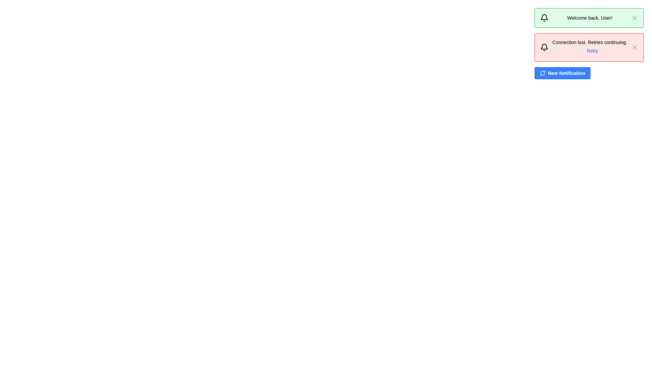 This screenshot has height=366, width=652. Describe the element at coordinates (544, 47) in the screenshot. I see `the bell icon with a thin border located on the left side of the notification box labeled 'Connection lost.'` at that location.